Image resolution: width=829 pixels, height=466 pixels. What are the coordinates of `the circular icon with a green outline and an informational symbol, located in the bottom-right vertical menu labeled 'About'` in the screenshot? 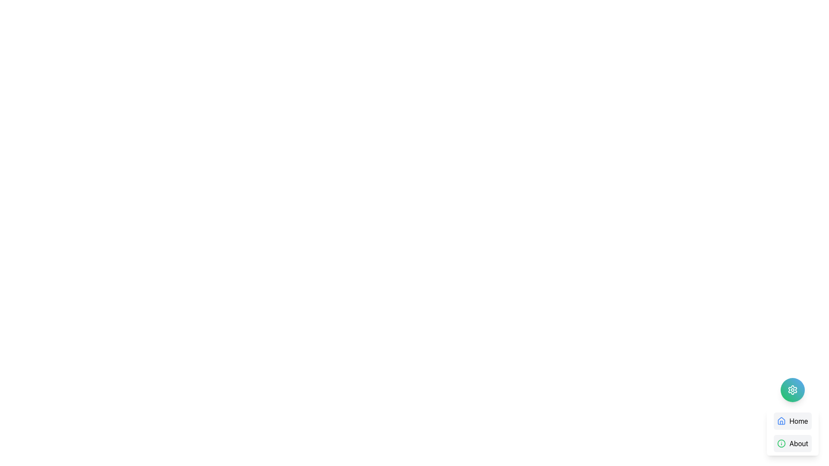 It's located at (782, 444).